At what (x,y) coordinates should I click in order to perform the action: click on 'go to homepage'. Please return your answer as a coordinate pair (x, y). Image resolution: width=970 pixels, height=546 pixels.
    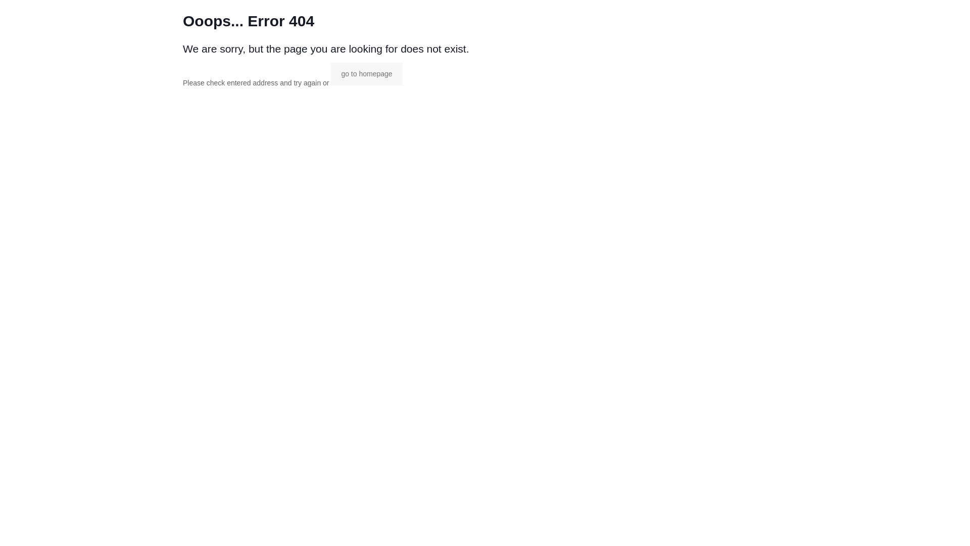
    Looking at the image, I should click on (330, 73).